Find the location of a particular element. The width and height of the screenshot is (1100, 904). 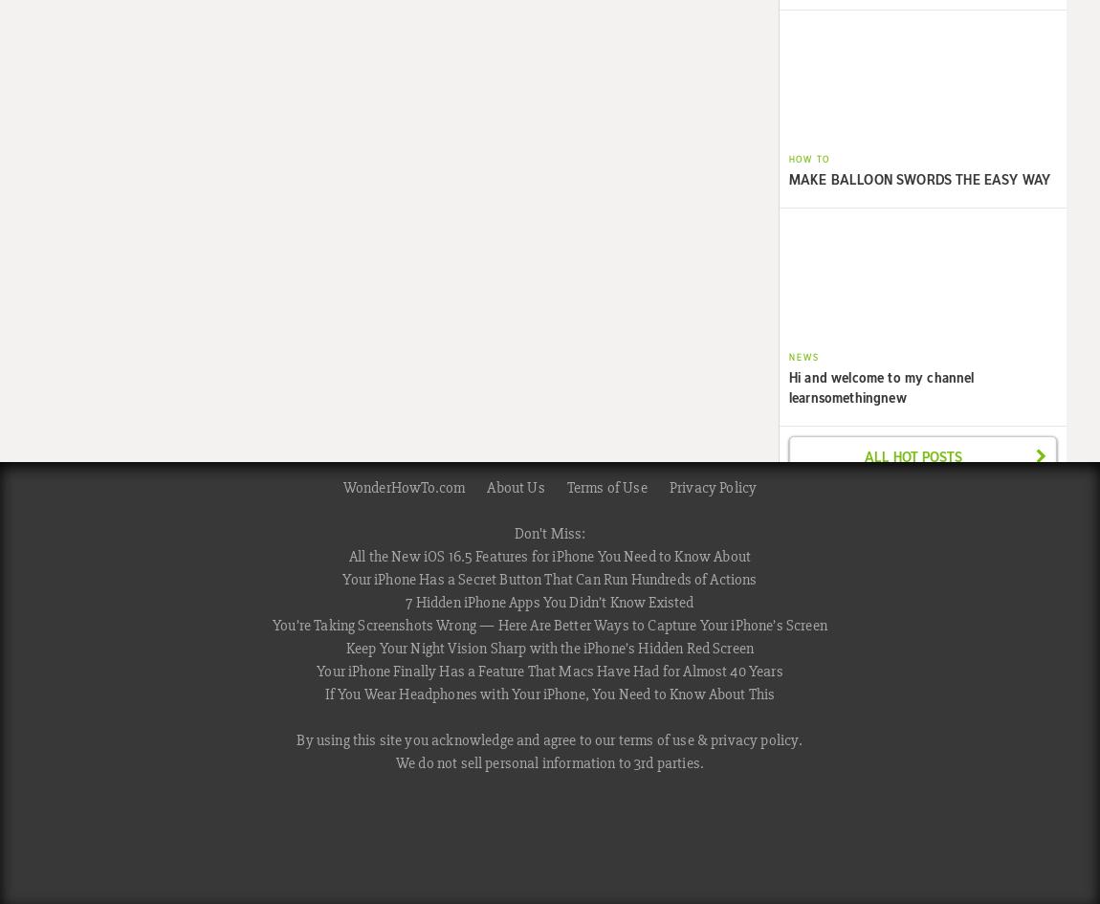

'&' is located at coordinates (701, 739).